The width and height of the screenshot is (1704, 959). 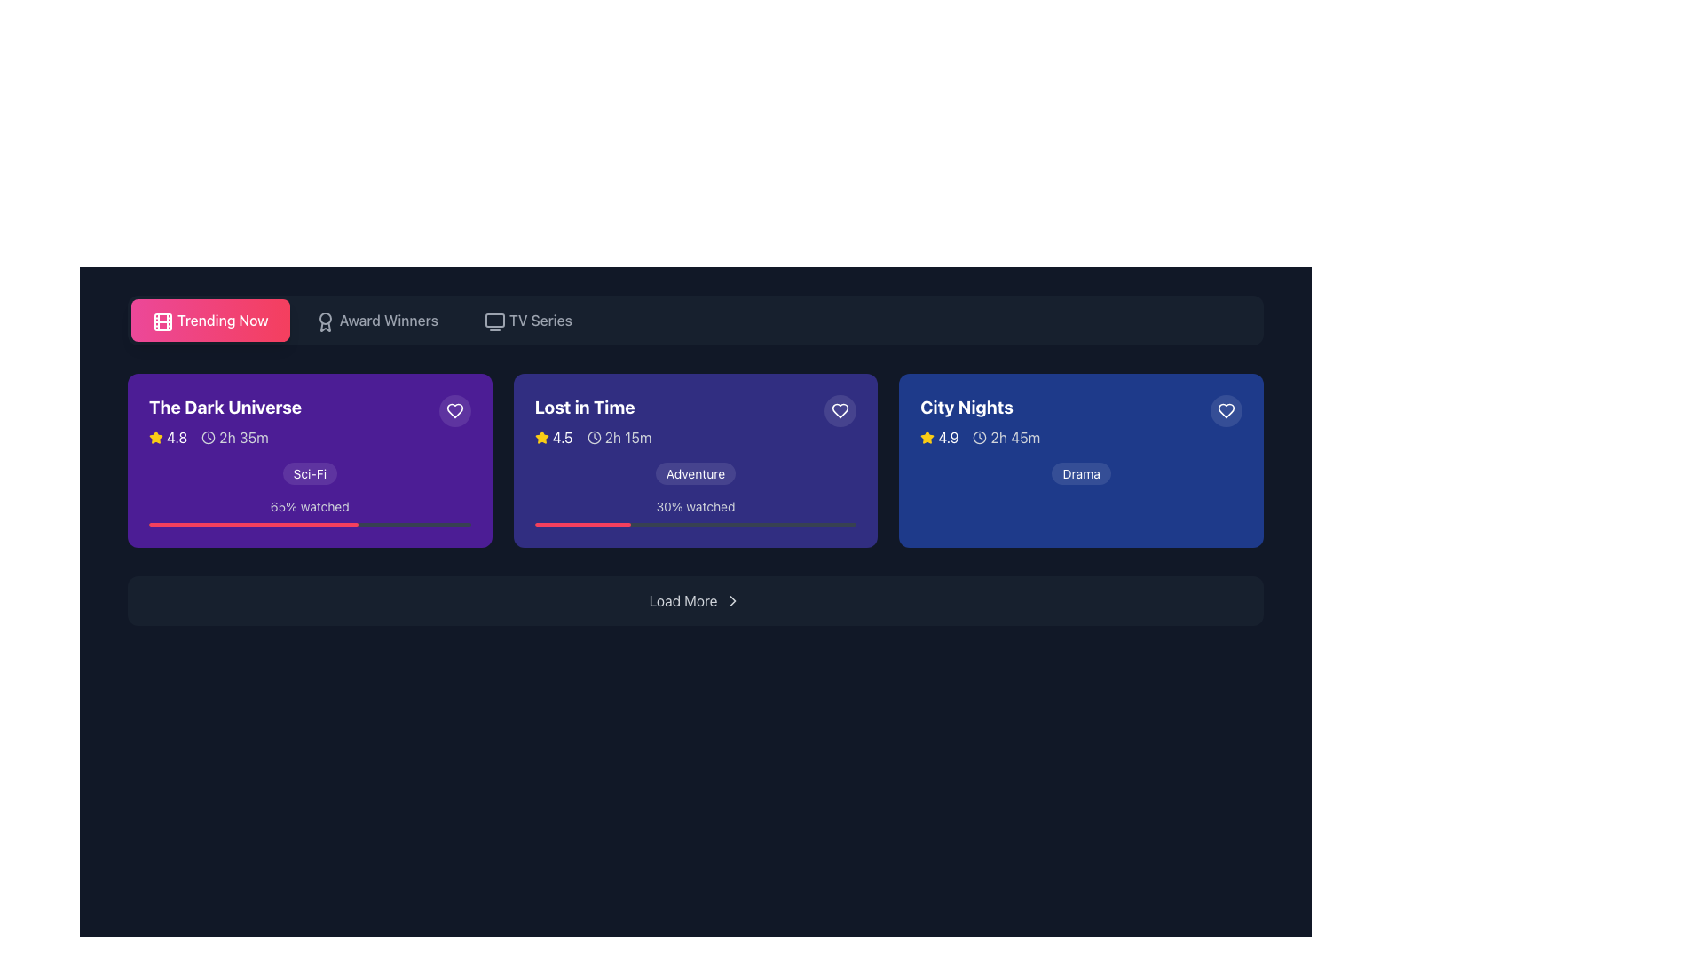 I want to click on the static text 'Lost in Time', which serves as the title for the second card in a horizontal group of three cards, located centrally above other elements, so click(x=585, y=408).